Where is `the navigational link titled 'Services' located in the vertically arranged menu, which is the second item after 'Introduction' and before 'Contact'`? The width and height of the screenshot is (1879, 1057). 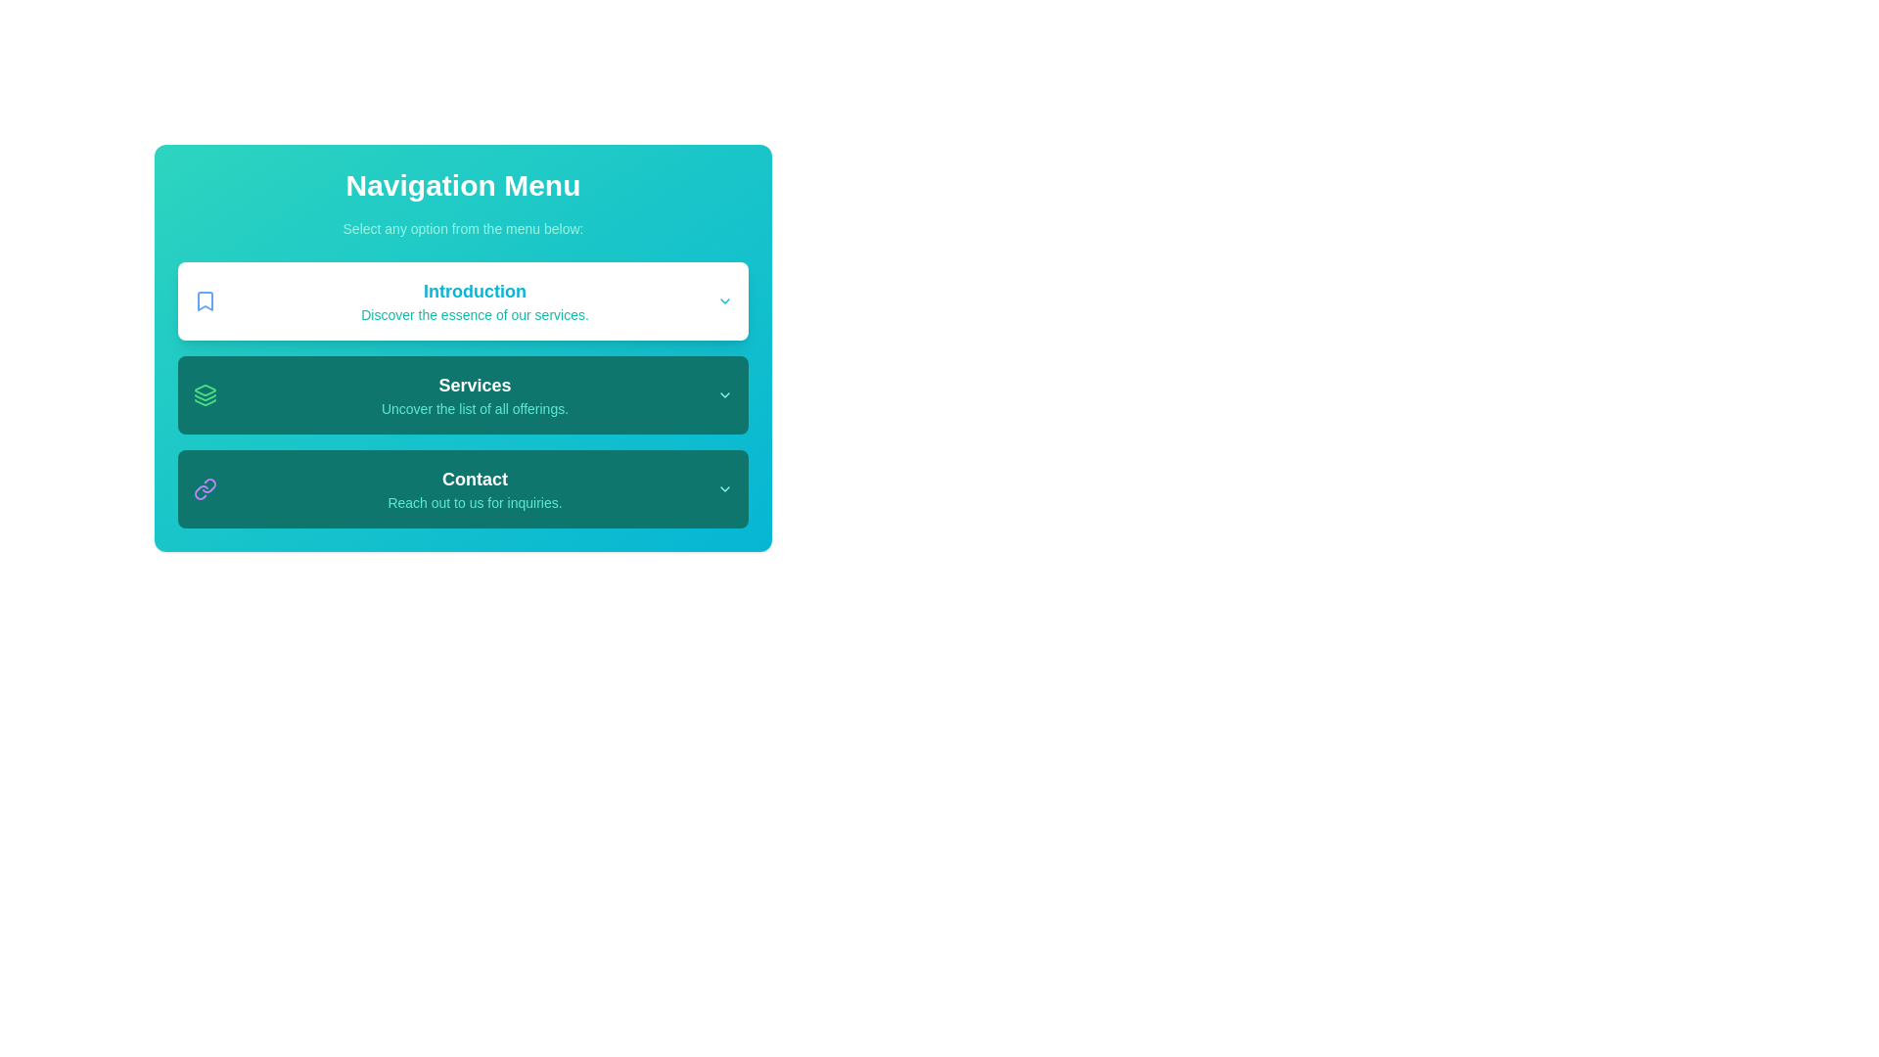
the navigational link titled 'Services' located in the vertically arranged menu, which is the second item after 'Introduction' and before 'Contact' is located at coordinates (475, 395).